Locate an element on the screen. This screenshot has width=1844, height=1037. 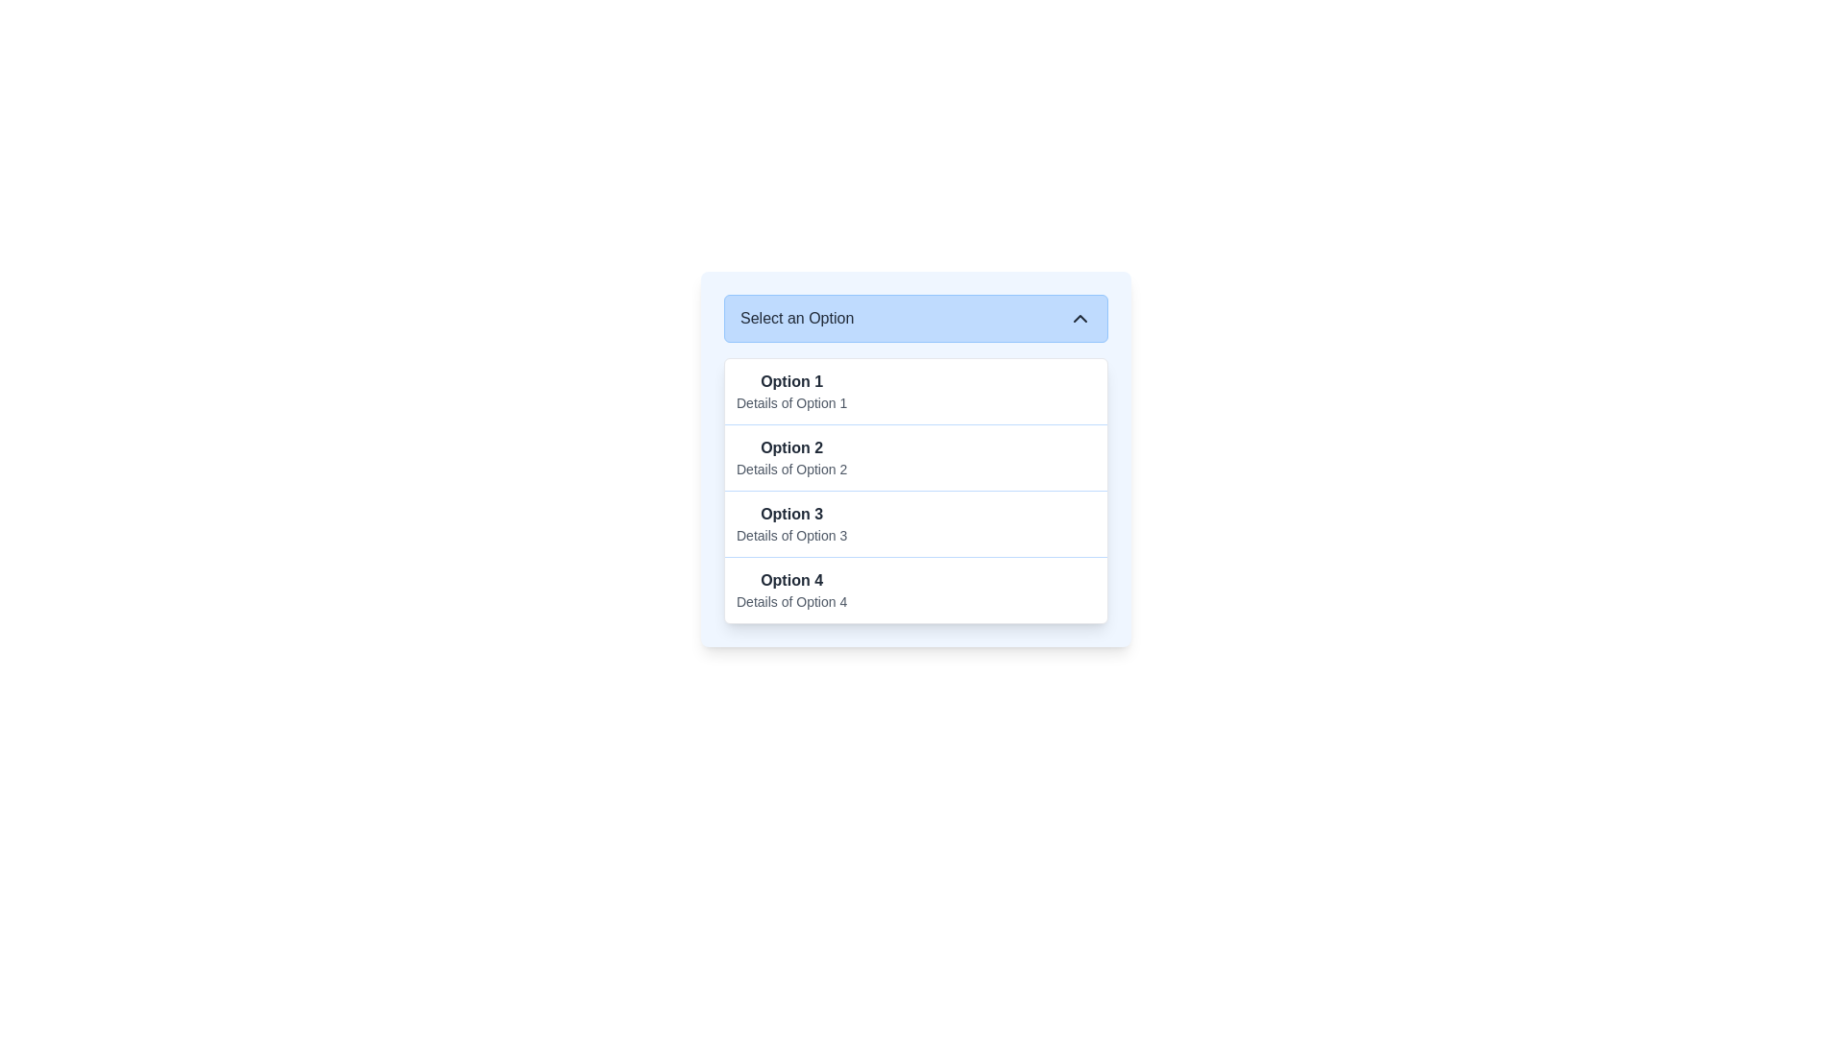
the second item in the dropdown list titled 'Select an Option' is located at coordinates (915, 457).